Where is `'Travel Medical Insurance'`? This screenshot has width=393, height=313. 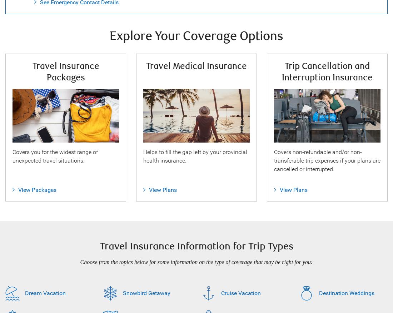 'Travel Medical Insurance' is located at coordinates (196, 66).